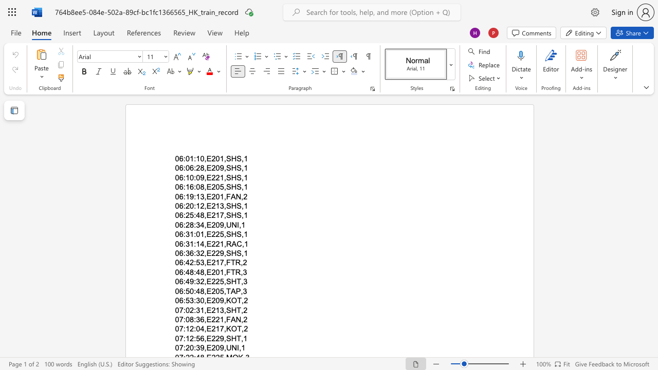 The width and height of the screenshot is (658, 370). What do you see at coordinates (196, 309) in the screenshot?
I see `the subset text "31,E21" within the text "07:02:31,E213,SHT,2"` at bounding box center [196, 309].